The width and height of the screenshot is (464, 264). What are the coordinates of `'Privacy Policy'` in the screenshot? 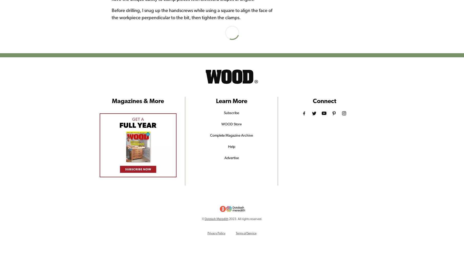 It's located at (208, 233).